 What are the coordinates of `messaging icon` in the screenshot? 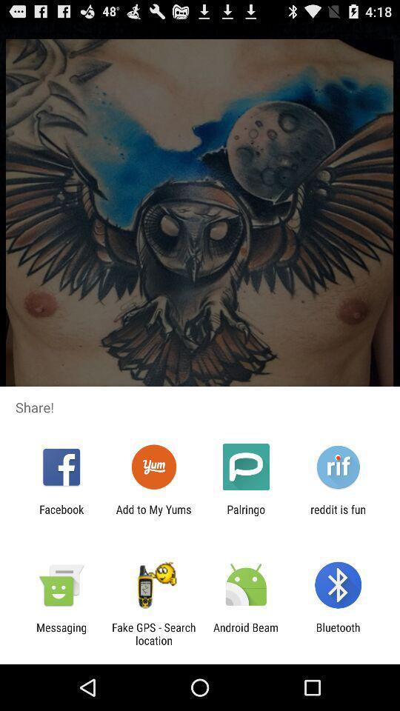 It's located at (61, 633).